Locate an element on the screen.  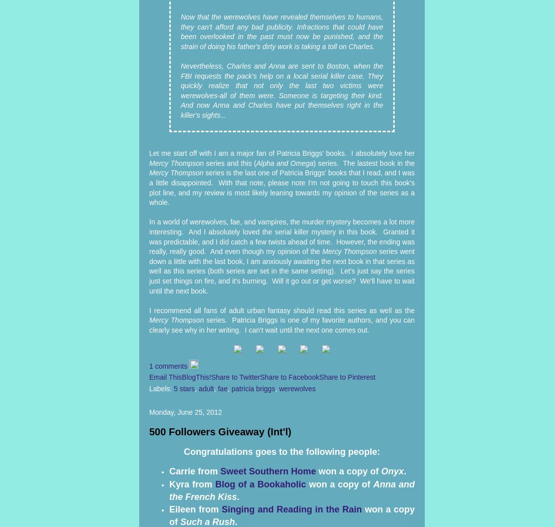
'1 comments' is located at coordinates (167, 365).